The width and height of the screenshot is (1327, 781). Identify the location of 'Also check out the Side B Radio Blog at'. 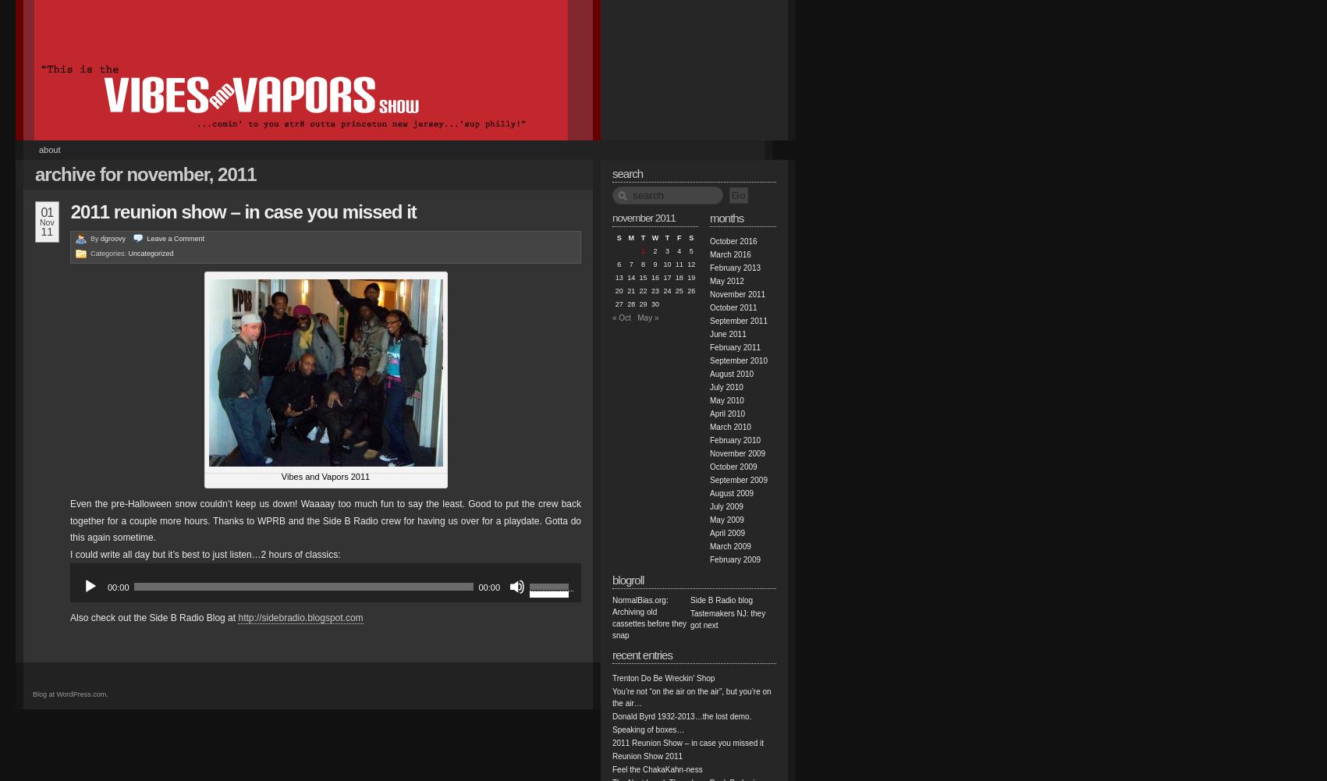
(69, 616).